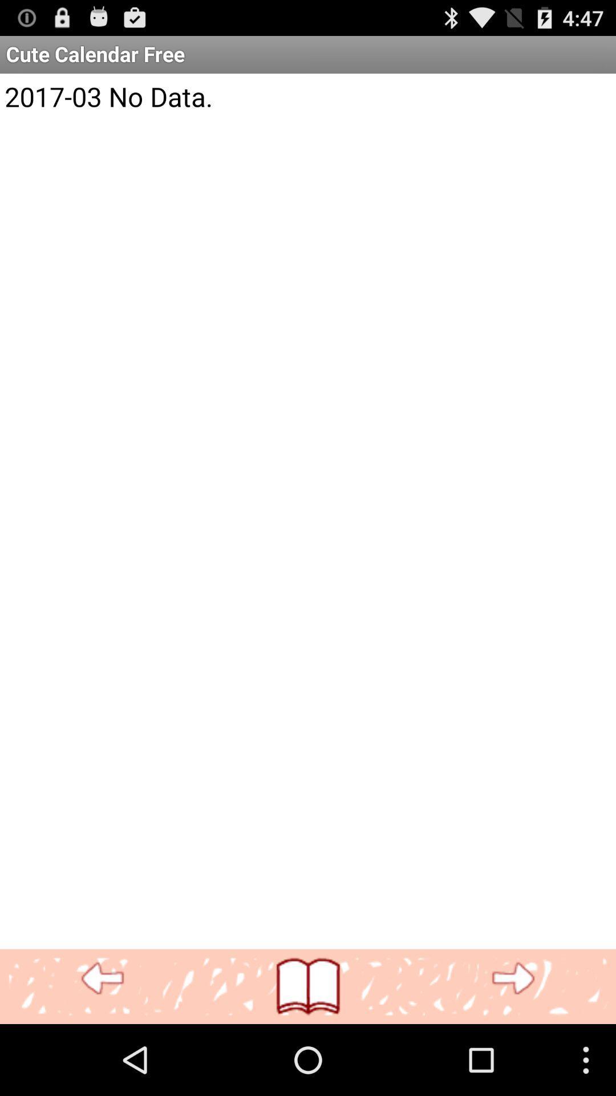 The image size is (616, 1096). What do you see at coordinates (512, 978) in the screenshot?
I see `advance to next page` at bounding box center [512, 978].